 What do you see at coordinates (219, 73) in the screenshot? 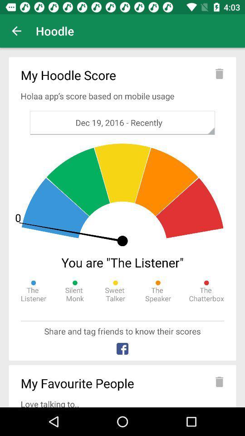
I see `delete current score` at bounding box center [219, 73].